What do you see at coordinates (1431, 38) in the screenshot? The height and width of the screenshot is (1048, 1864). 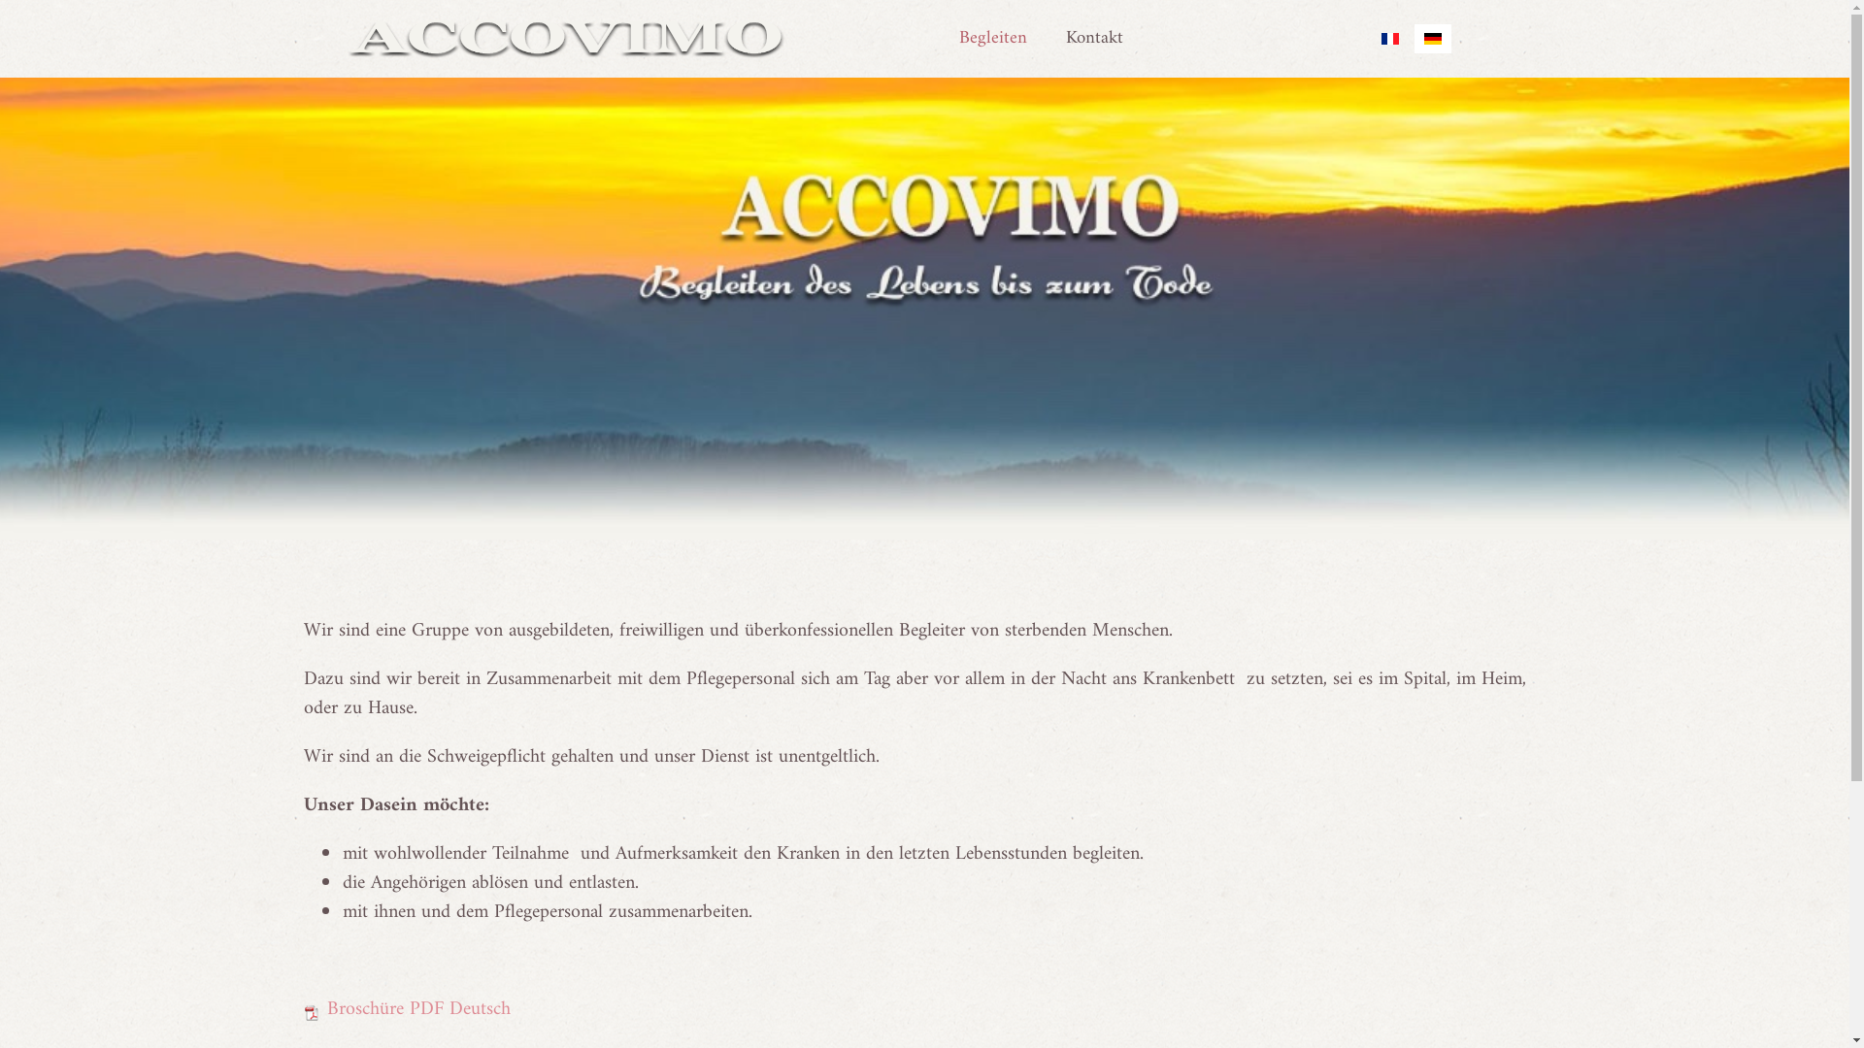 I see `'Deutsch (DE)'` at bounding box center [1431, 38].